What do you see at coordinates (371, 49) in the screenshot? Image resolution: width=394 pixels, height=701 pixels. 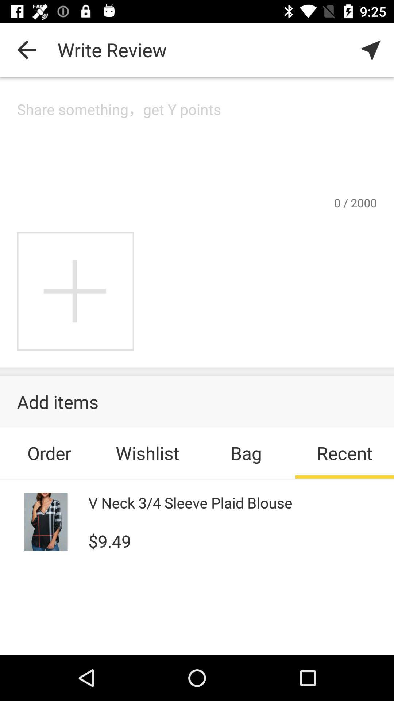 I see `app to the right of write review app` at bounding box center [371, 49].